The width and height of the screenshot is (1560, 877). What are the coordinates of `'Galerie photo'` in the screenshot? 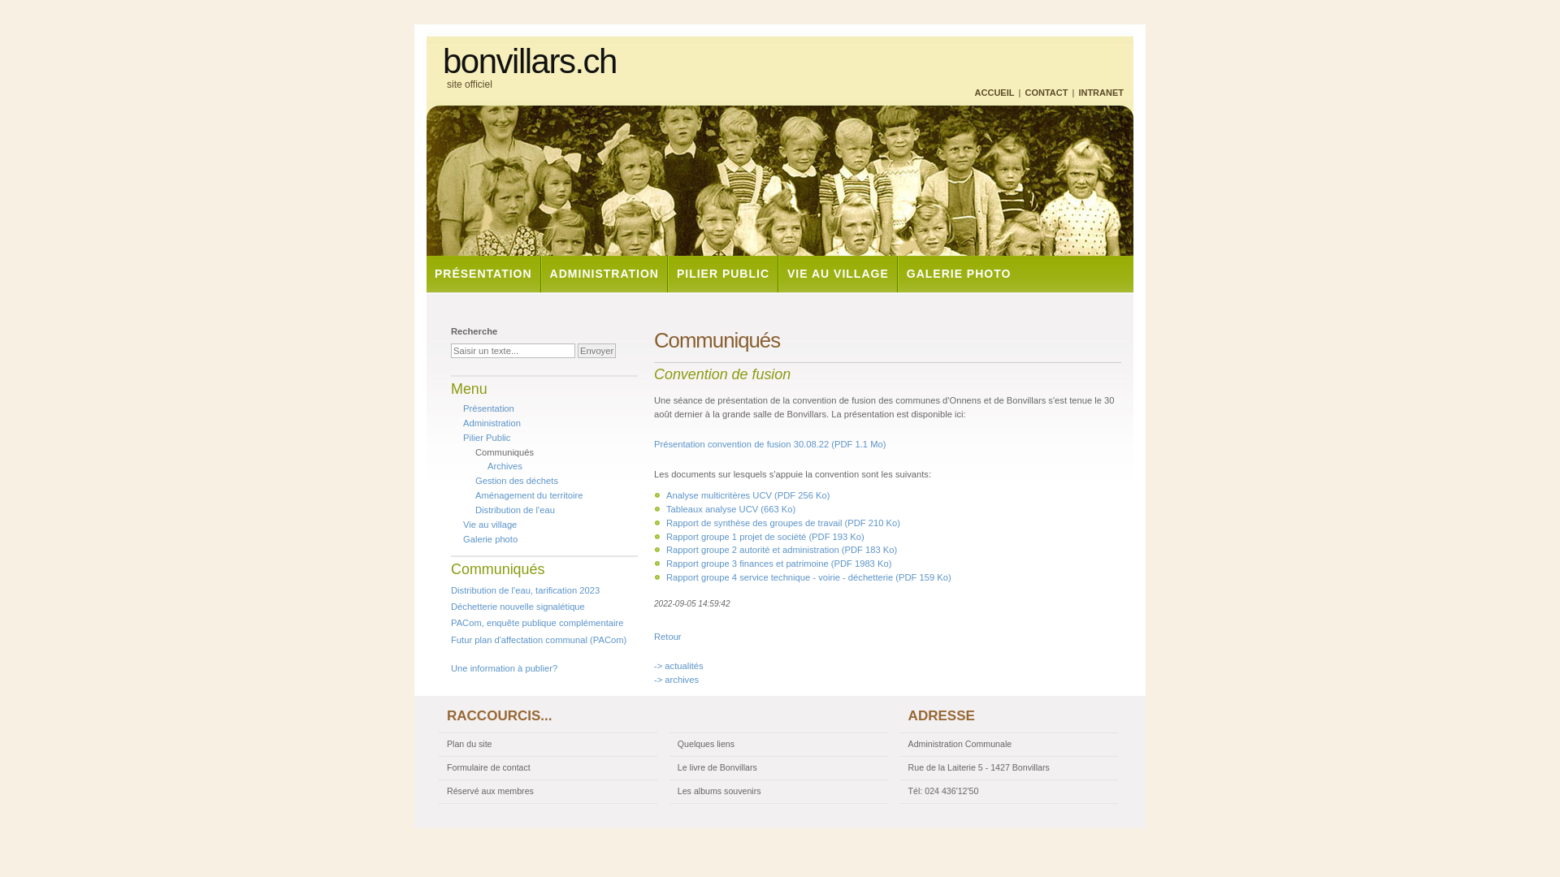 It's located at (489, 538).